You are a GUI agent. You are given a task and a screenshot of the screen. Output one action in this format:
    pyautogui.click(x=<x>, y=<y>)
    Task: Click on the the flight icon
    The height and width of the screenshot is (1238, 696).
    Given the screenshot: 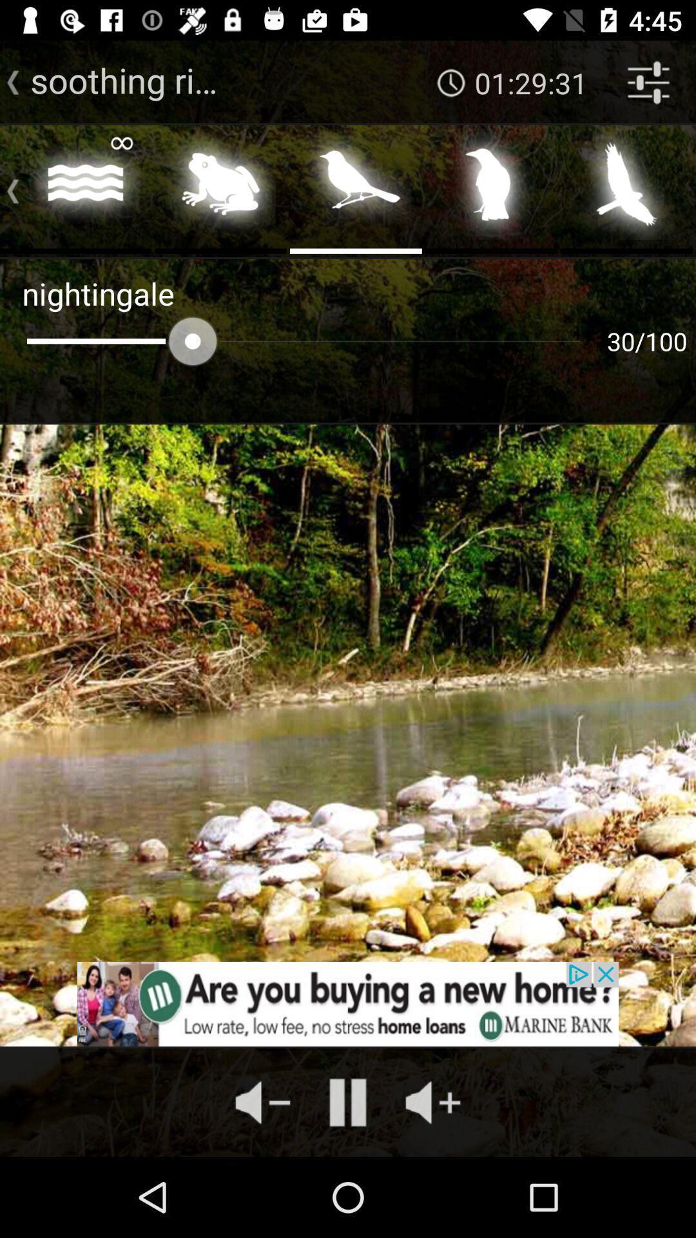 What is the action you would take?
    pyautogui.click(x=626, y=188)
    